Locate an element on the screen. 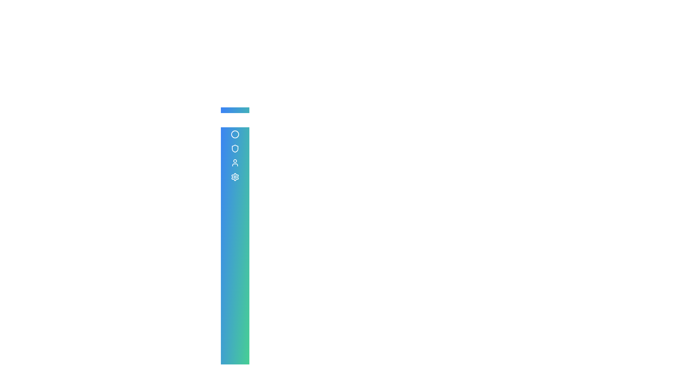  the user profile icon located in the vertical toolbar on the left side of the interface, which is the third icon from the top is located at coordinates (235, 163).